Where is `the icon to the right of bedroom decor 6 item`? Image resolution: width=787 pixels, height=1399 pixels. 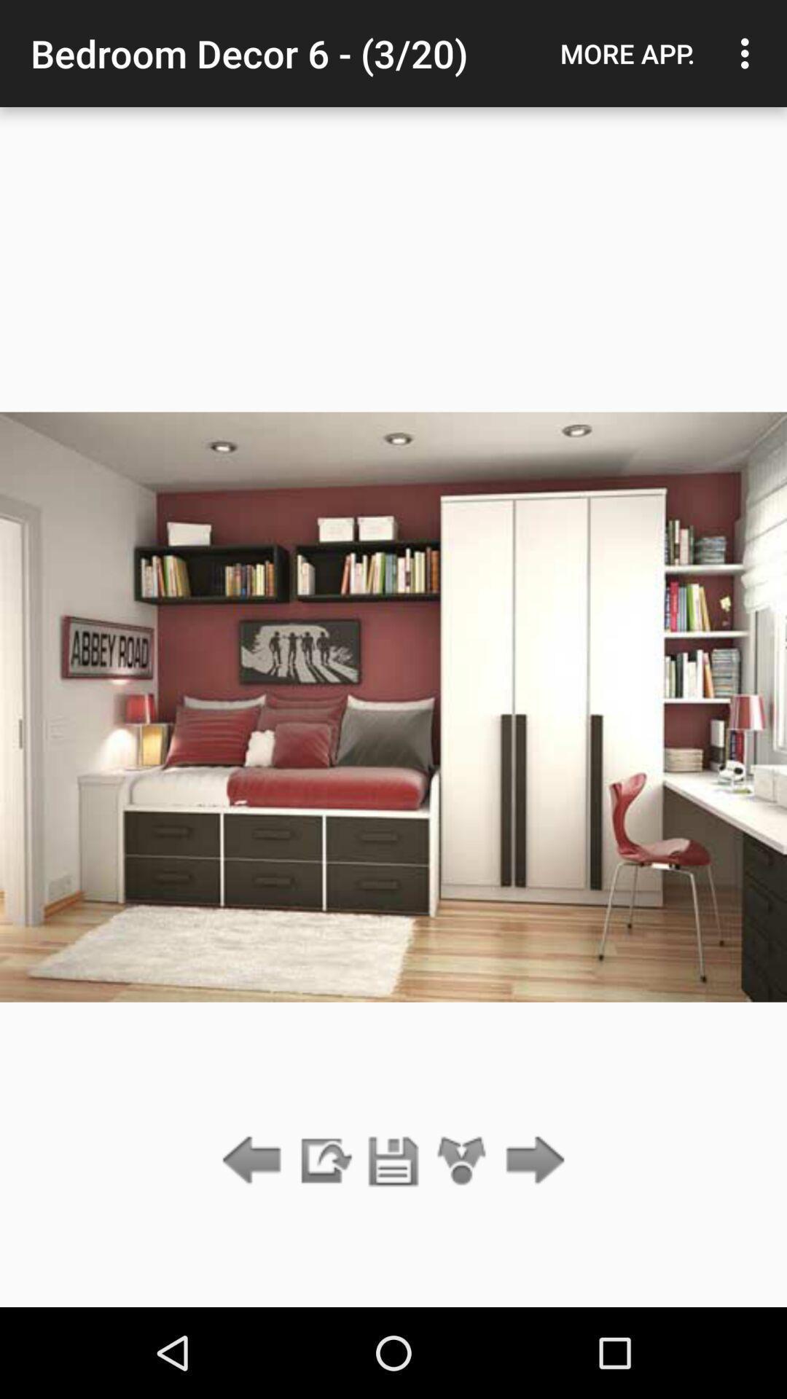
the icon to the right of bedroom decor 6 item is located at coordinates (627, 53).